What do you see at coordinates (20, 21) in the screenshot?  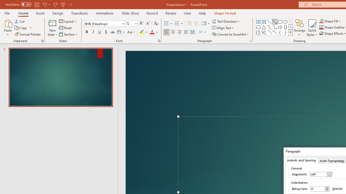 I see `'Cut'` at bounding box center [20, 21].